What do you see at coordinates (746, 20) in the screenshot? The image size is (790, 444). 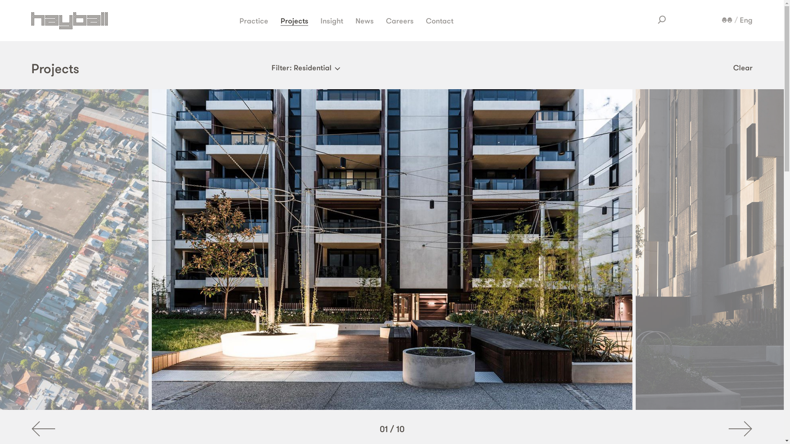 I see `'Eng'` at bounding box center [746, 20].